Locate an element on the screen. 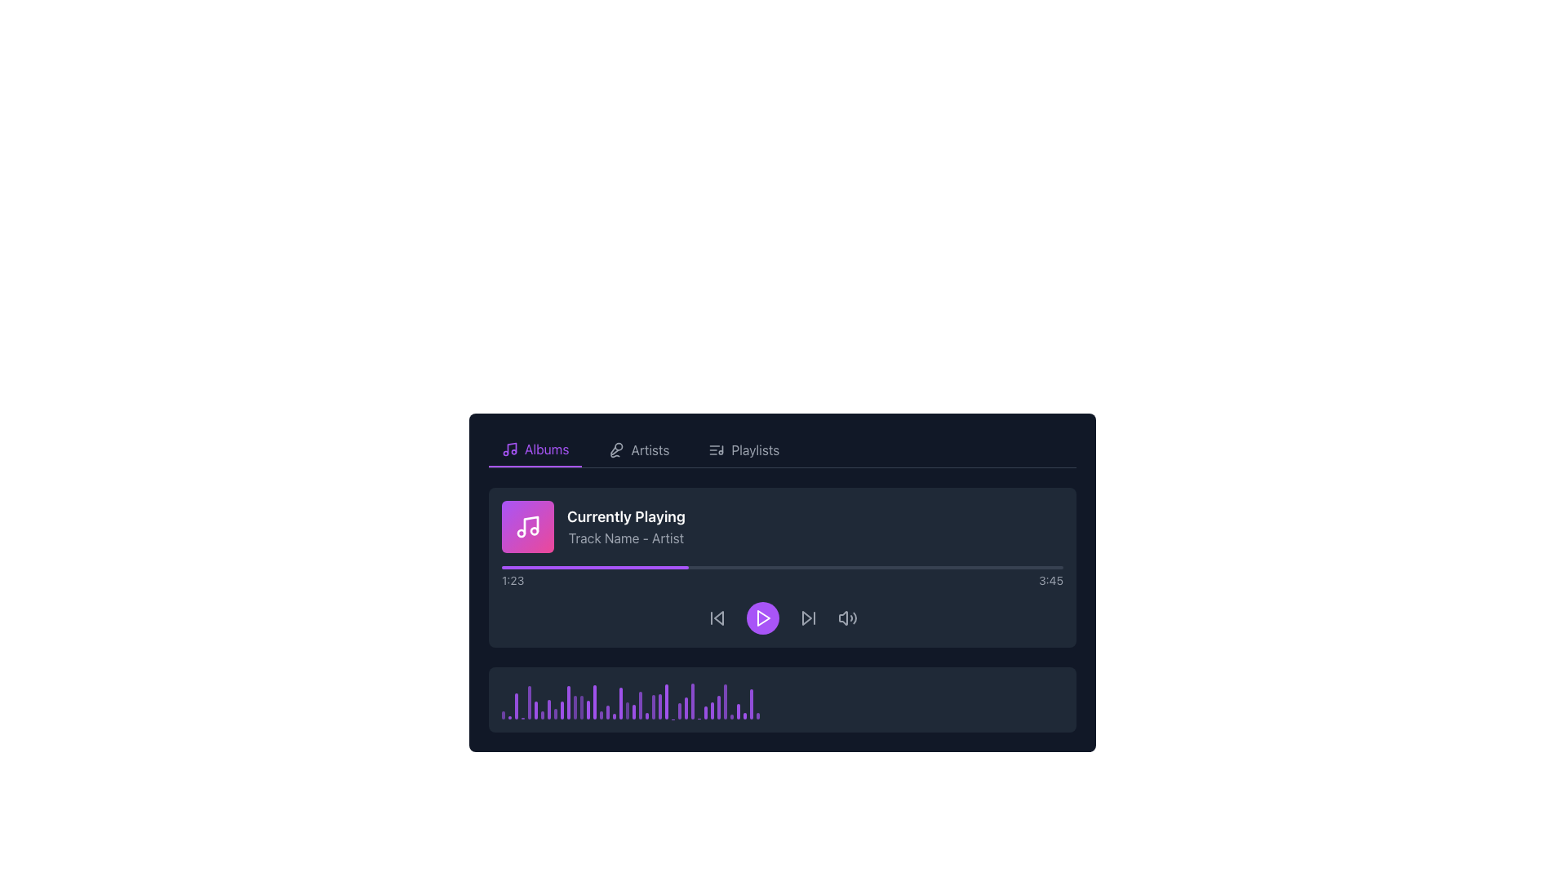  the third wave line from the left within the decorative vector graphic in the bottom section of the media controls interface is located at coordinates (854, 618).